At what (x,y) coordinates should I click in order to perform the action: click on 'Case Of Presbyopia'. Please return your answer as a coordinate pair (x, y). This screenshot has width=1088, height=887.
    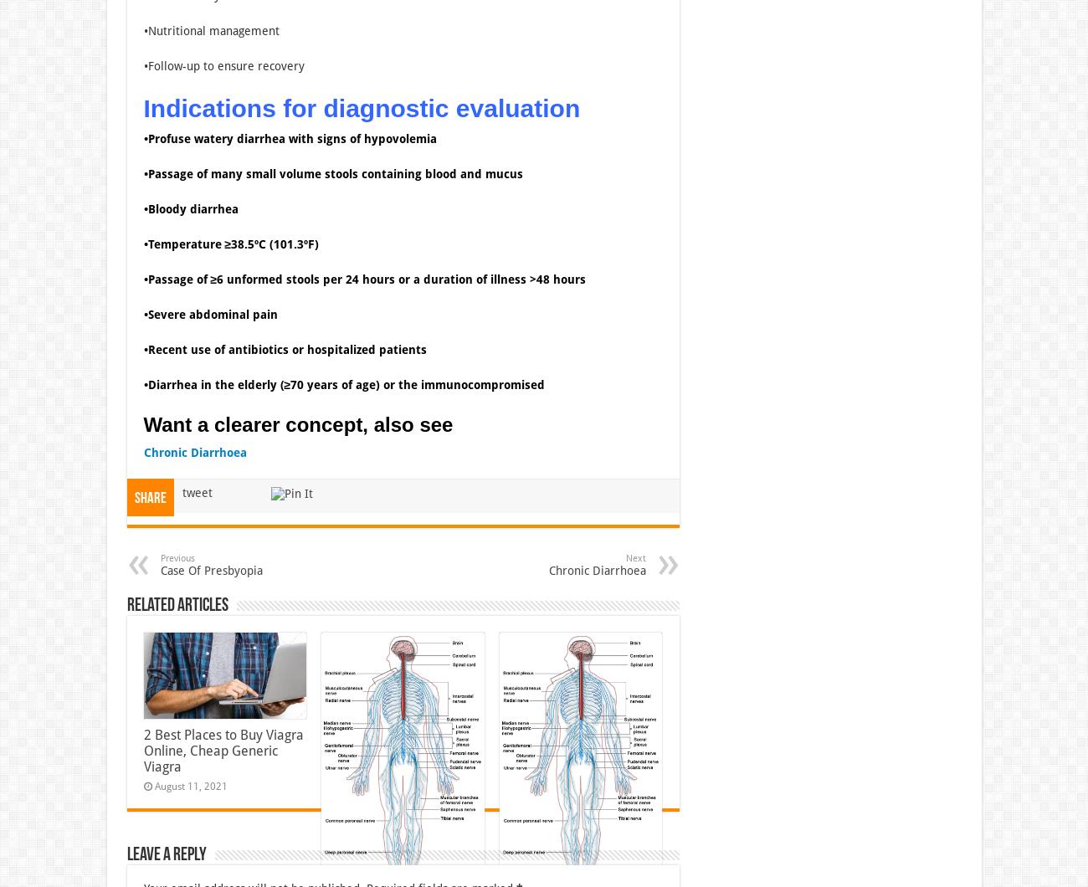
    Looking at the image, I should click on (209, 569).